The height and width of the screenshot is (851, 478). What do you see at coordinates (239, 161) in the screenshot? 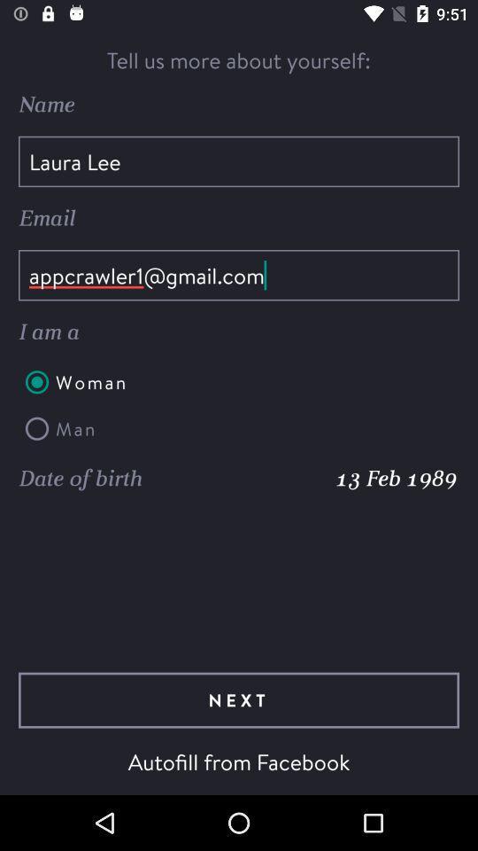
I see `laura lee` at bounding box center [239, 161].